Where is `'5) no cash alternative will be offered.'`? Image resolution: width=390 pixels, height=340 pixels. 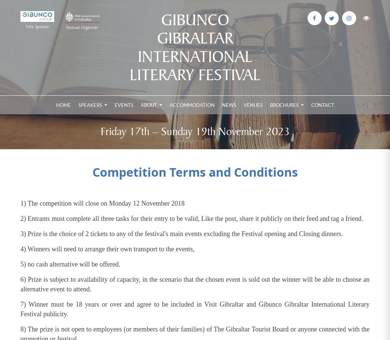 '5) no cash alternative will be offered.' is located at coordinates (71, 264).